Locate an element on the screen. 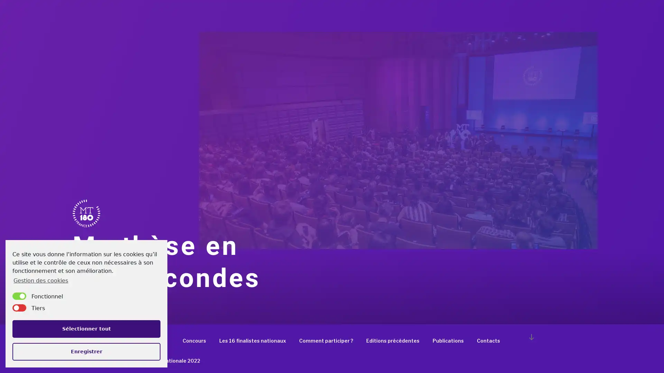  Selectionner tout is located at coordinates (86, 328).